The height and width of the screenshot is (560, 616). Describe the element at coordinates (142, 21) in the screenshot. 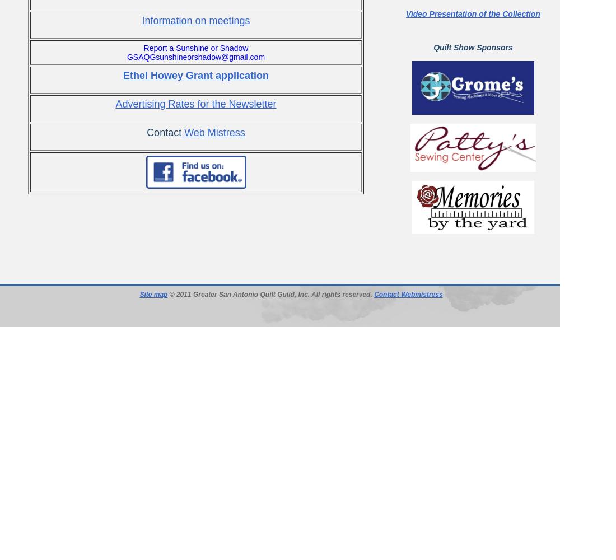

I see `'Information on meetings'` at that location.